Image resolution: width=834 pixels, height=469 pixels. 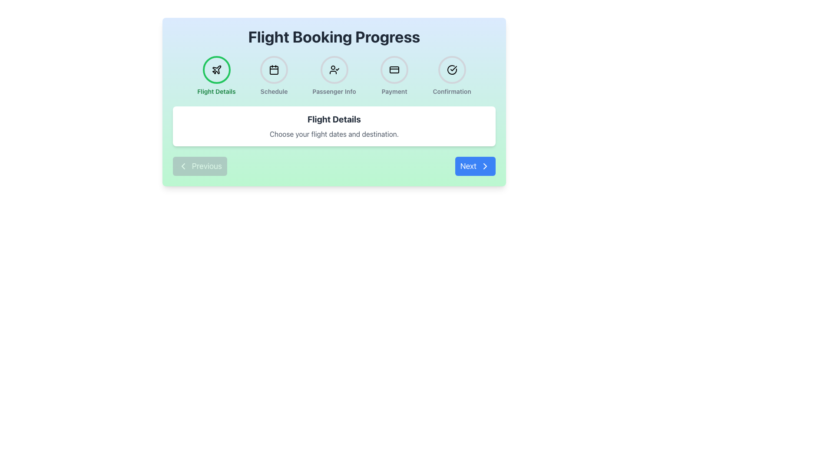 I want to click on the Step Indicator element, which is the fourth in the series of five progress steps, featuring a circled icon of a credit card above the text 'Payment', so click(x=394, y=75).